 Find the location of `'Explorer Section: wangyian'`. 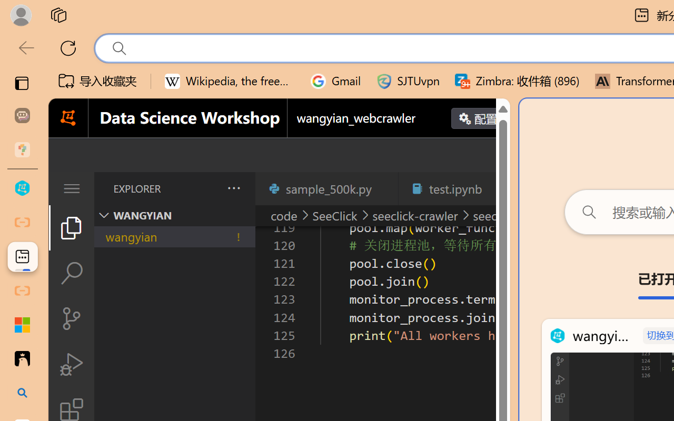

'Explorer Section: wangyian' is located at coordinates (174, 215).